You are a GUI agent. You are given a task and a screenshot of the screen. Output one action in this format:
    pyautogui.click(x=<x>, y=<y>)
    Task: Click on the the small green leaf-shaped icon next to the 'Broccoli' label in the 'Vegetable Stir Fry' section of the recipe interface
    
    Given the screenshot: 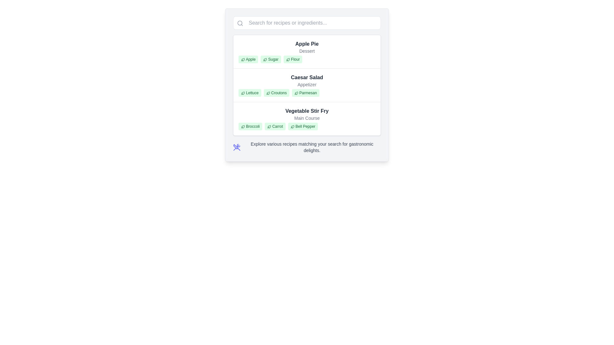 What is the action you would take?
    pyautogui.click(x=242, y=126)
    